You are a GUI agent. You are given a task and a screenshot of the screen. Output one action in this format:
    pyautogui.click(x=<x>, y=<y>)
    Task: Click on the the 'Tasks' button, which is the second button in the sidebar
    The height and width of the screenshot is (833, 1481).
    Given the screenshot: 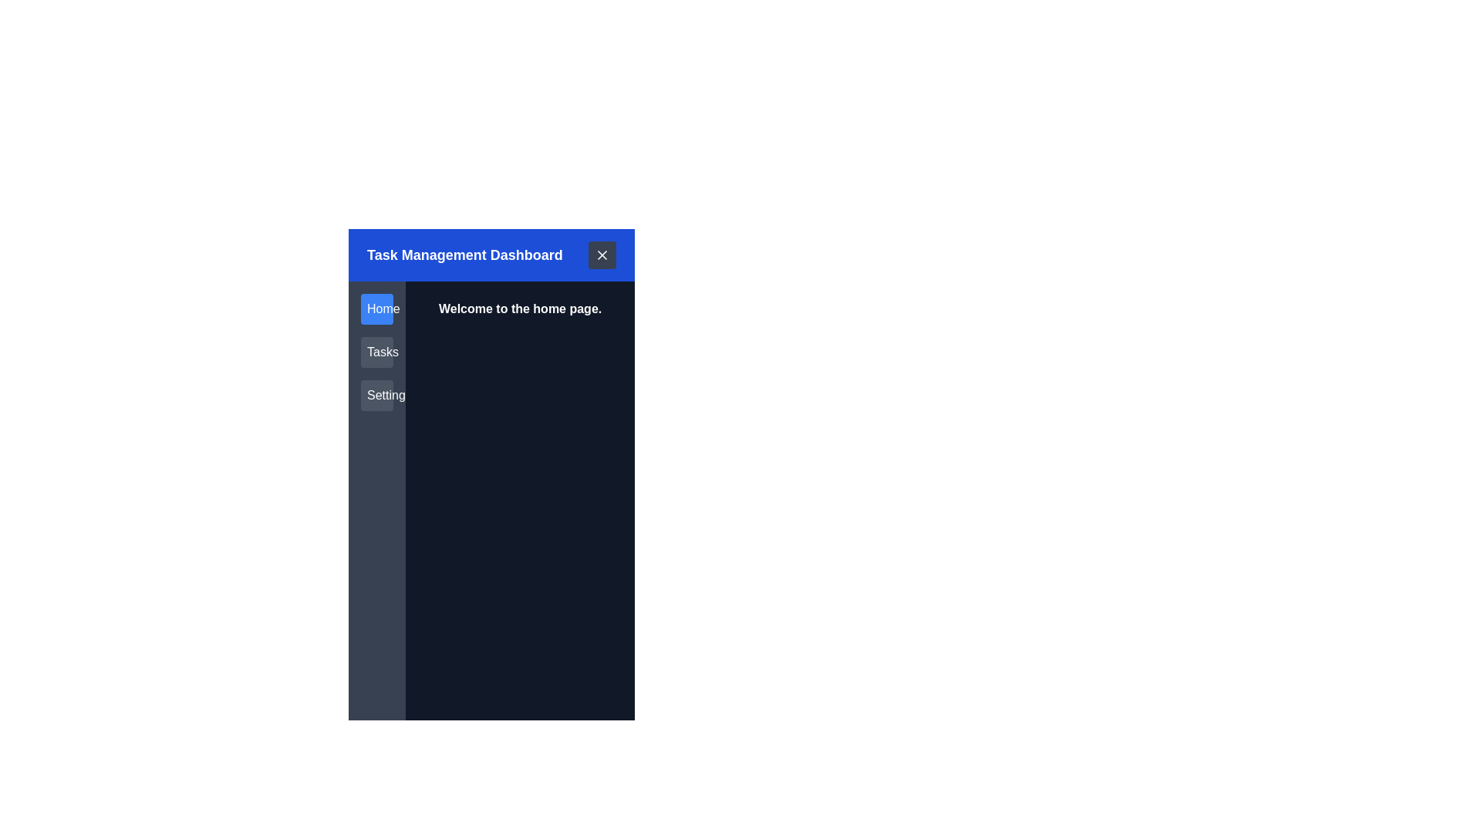 What is the action you would take?
    pyautogui.click(x=377, y=352)
    